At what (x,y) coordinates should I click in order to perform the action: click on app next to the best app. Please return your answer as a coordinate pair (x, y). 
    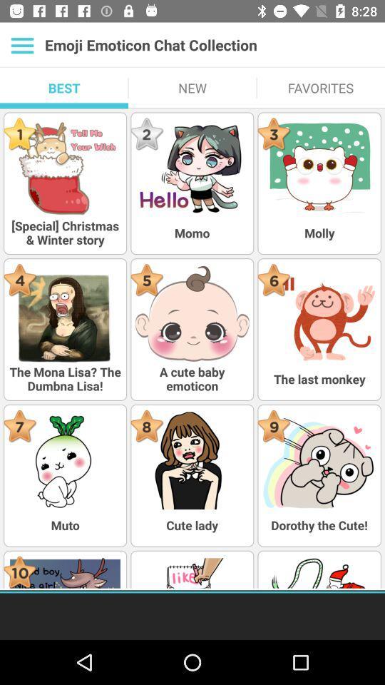
    Looking at the image, I should click on (192, 87).